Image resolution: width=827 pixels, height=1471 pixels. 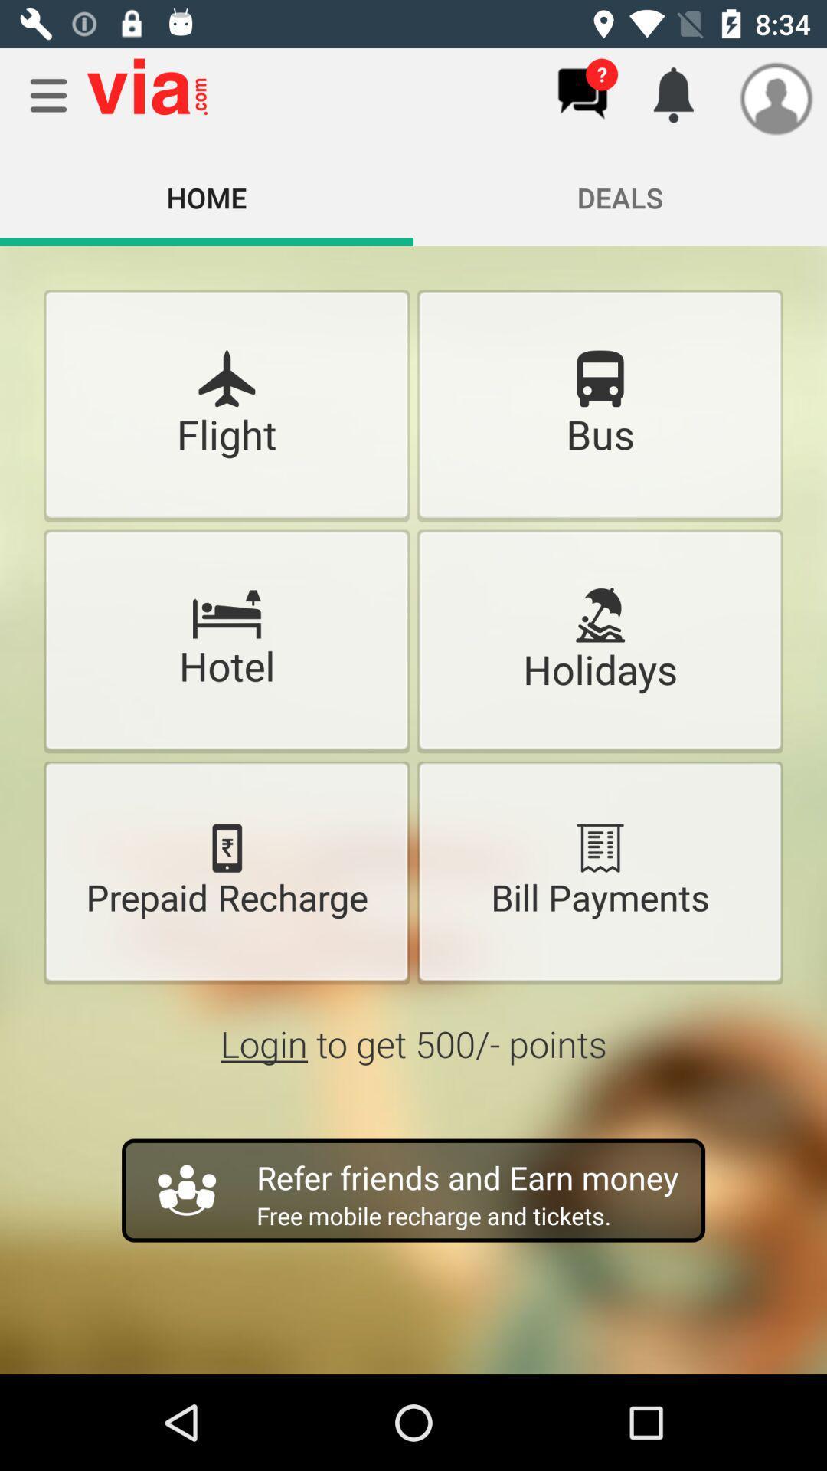 I want to click on the bill payments icon, so click(x=599, y=847).